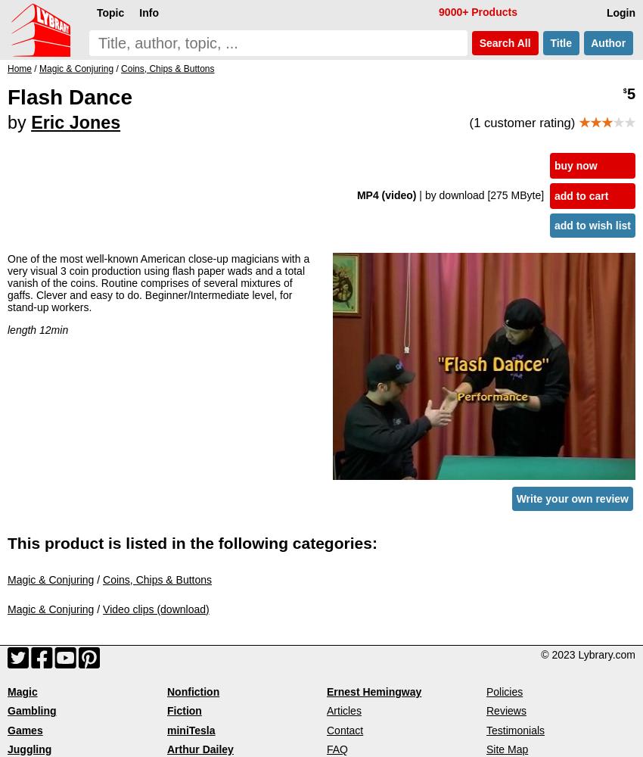 This screenshot has width=643, height=757. Describe the element at coordinates (387, 195) in the screenshot. I see `'MP4 (video)'` at that location.